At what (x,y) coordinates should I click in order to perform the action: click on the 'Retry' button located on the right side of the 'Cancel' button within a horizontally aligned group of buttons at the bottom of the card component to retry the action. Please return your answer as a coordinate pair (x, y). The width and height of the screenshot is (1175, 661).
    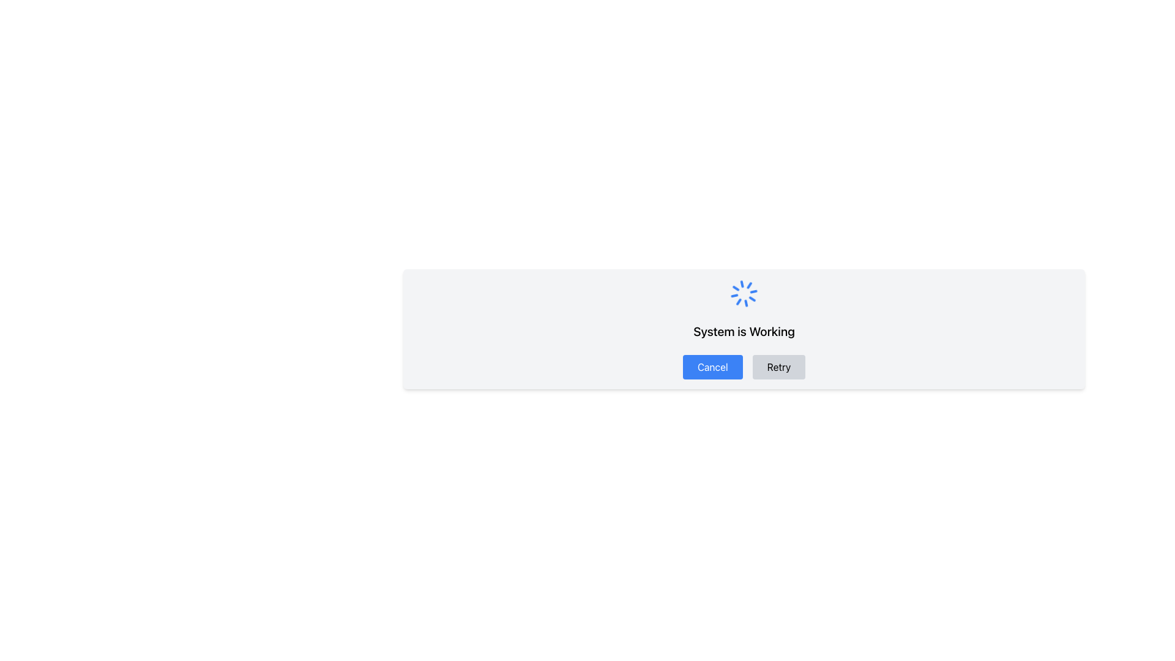
    Looking at the image, I should click on (778, 367).